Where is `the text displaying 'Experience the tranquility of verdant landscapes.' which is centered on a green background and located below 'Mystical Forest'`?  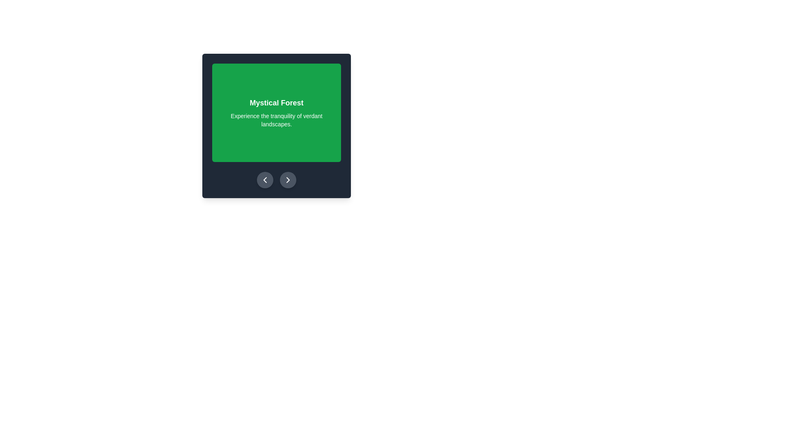 the text displaying 'Experience the tranquility of verdant landscapes.' which is centered on a green background and located below 'Mystical Forest' is located at coordinates (276, 120).